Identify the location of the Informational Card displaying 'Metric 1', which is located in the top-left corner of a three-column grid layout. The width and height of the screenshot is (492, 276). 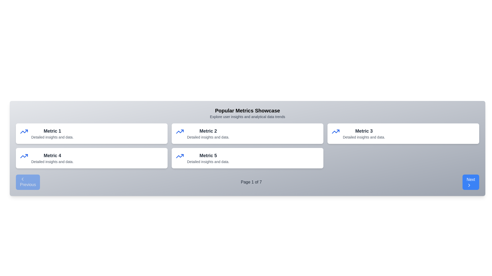
(92, 133).